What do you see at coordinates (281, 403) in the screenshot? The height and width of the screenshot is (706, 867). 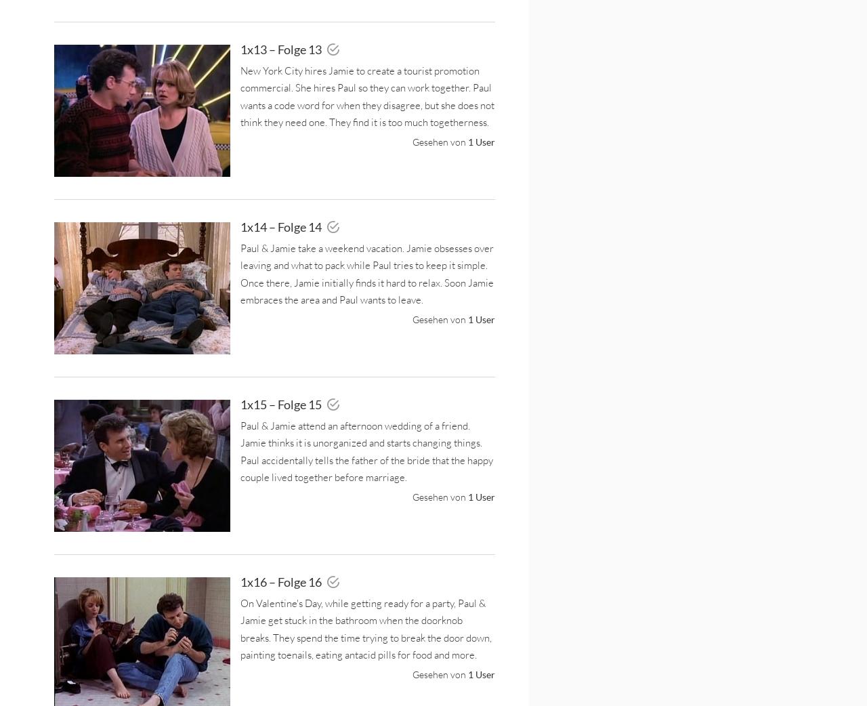 I see `'1x15 – Folge 15'` at bounding box center [281, 403].